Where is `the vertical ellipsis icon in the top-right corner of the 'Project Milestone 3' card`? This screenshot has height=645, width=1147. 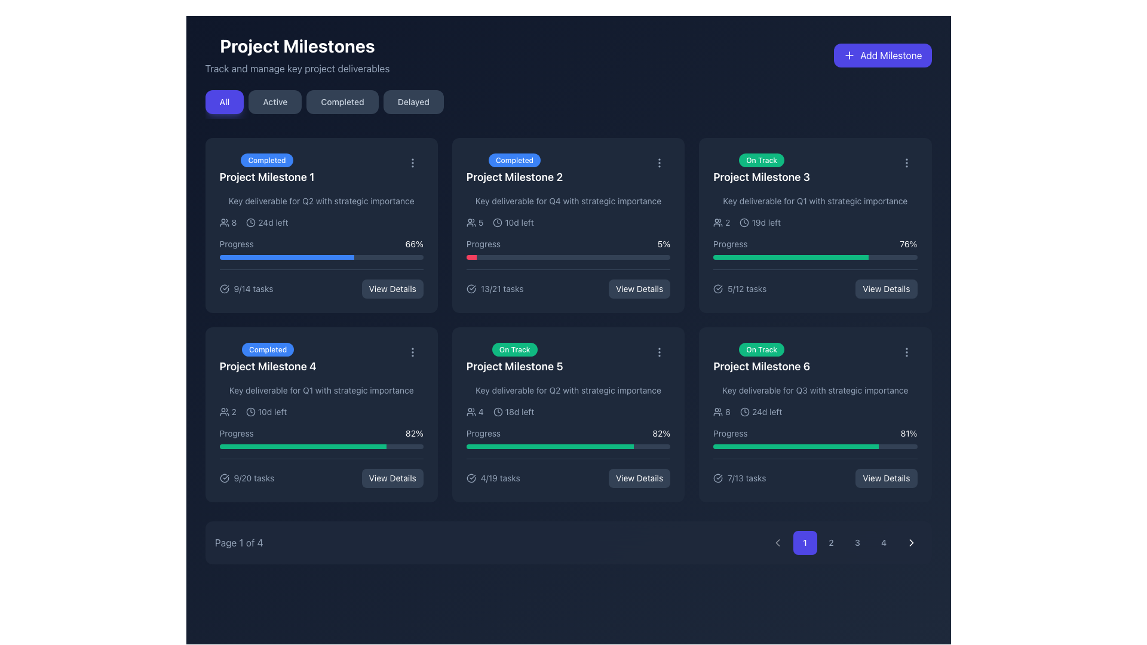
the vertical ellipsis icon in the top-right corner of the 'Project Milestone 3' card is located at coordinates (906, 163).